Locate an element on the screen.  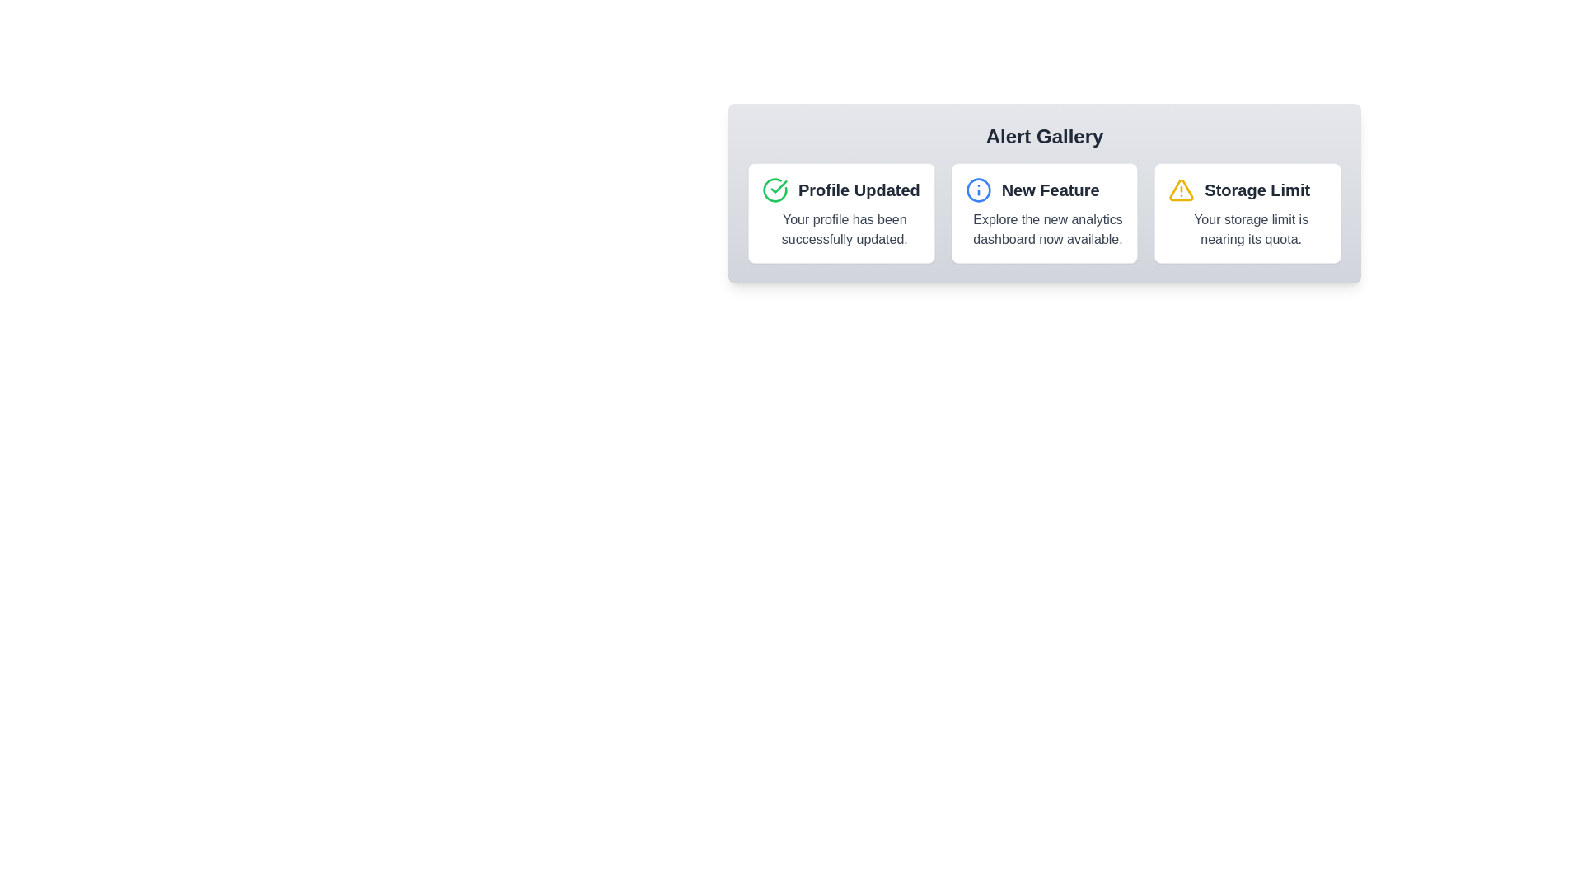
the Informational Box located beneath the heading 'Alert Gallery', which is the middle box in a row of three, containing bold text and detailed information is located at coordinates (1043, 212).